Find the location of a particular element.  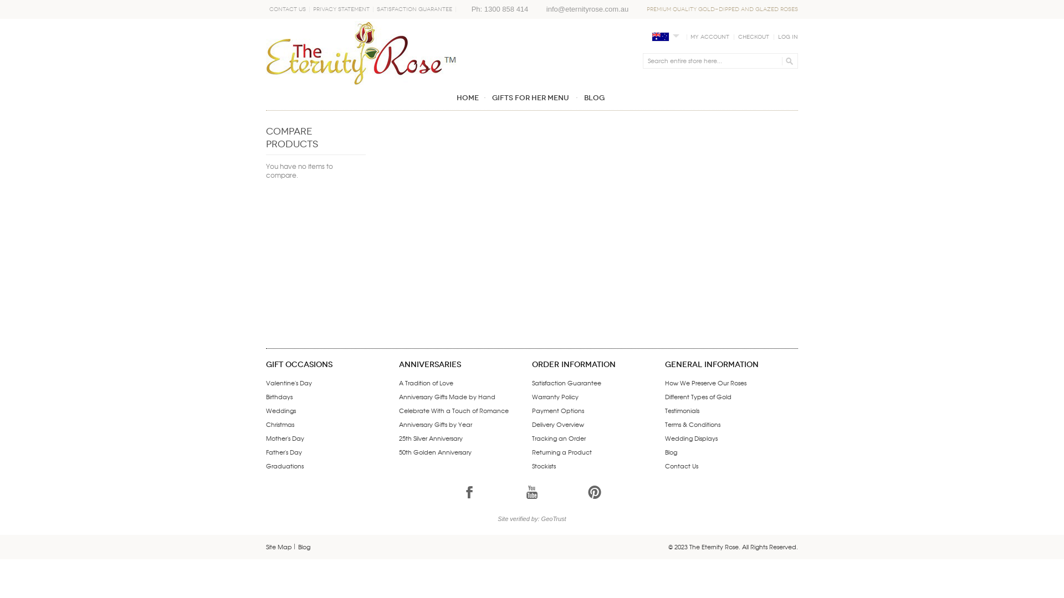

'Weddings' is located at coordinates (281, 410).